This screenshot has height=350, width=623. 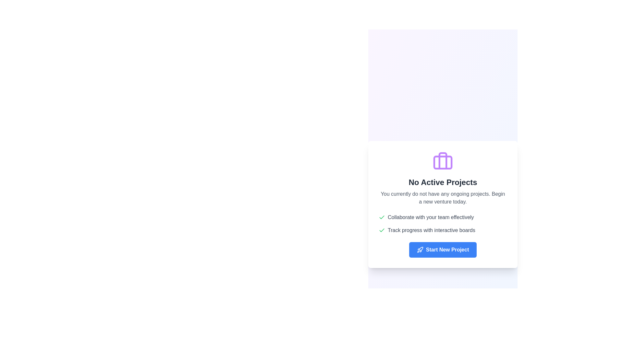 I want to click on the positive action indicator icon located under the text 'Track progress with interactive boards', specifically the second symbol in the feature list, so click(x=382, y=217).